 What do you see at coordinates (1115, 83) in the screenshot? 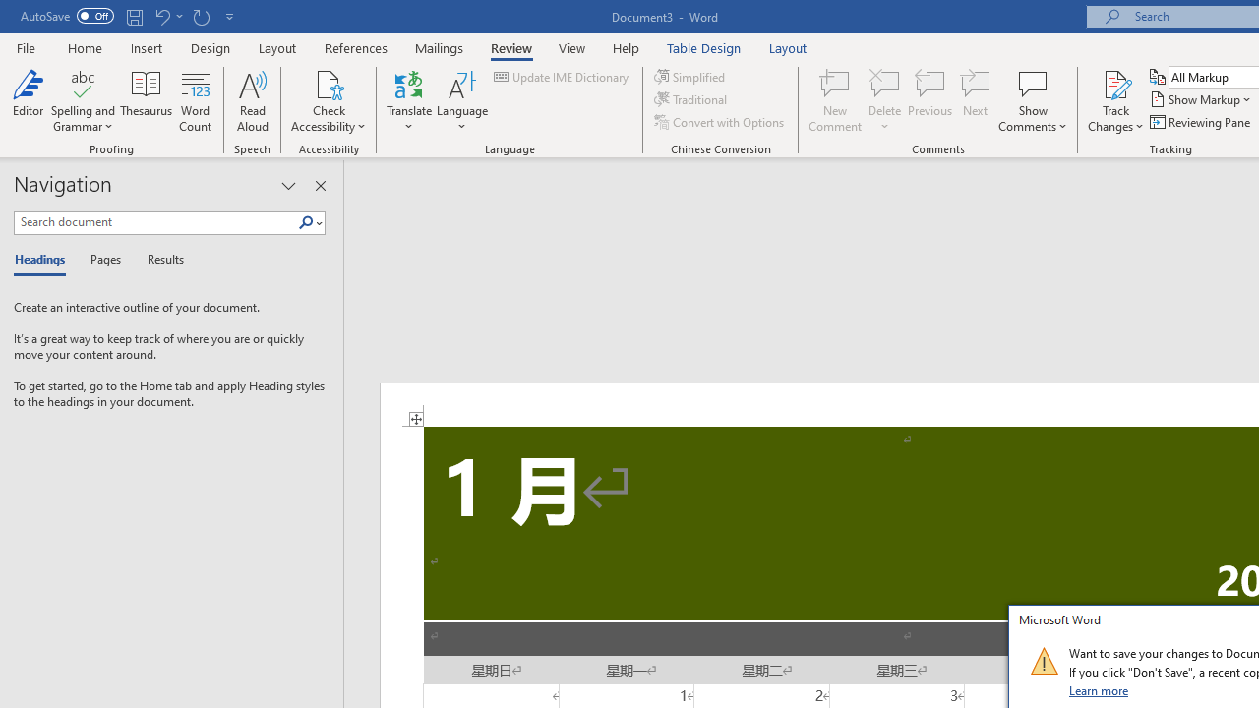
I see `'Track Changes'` at bounding box center [1115, 83].